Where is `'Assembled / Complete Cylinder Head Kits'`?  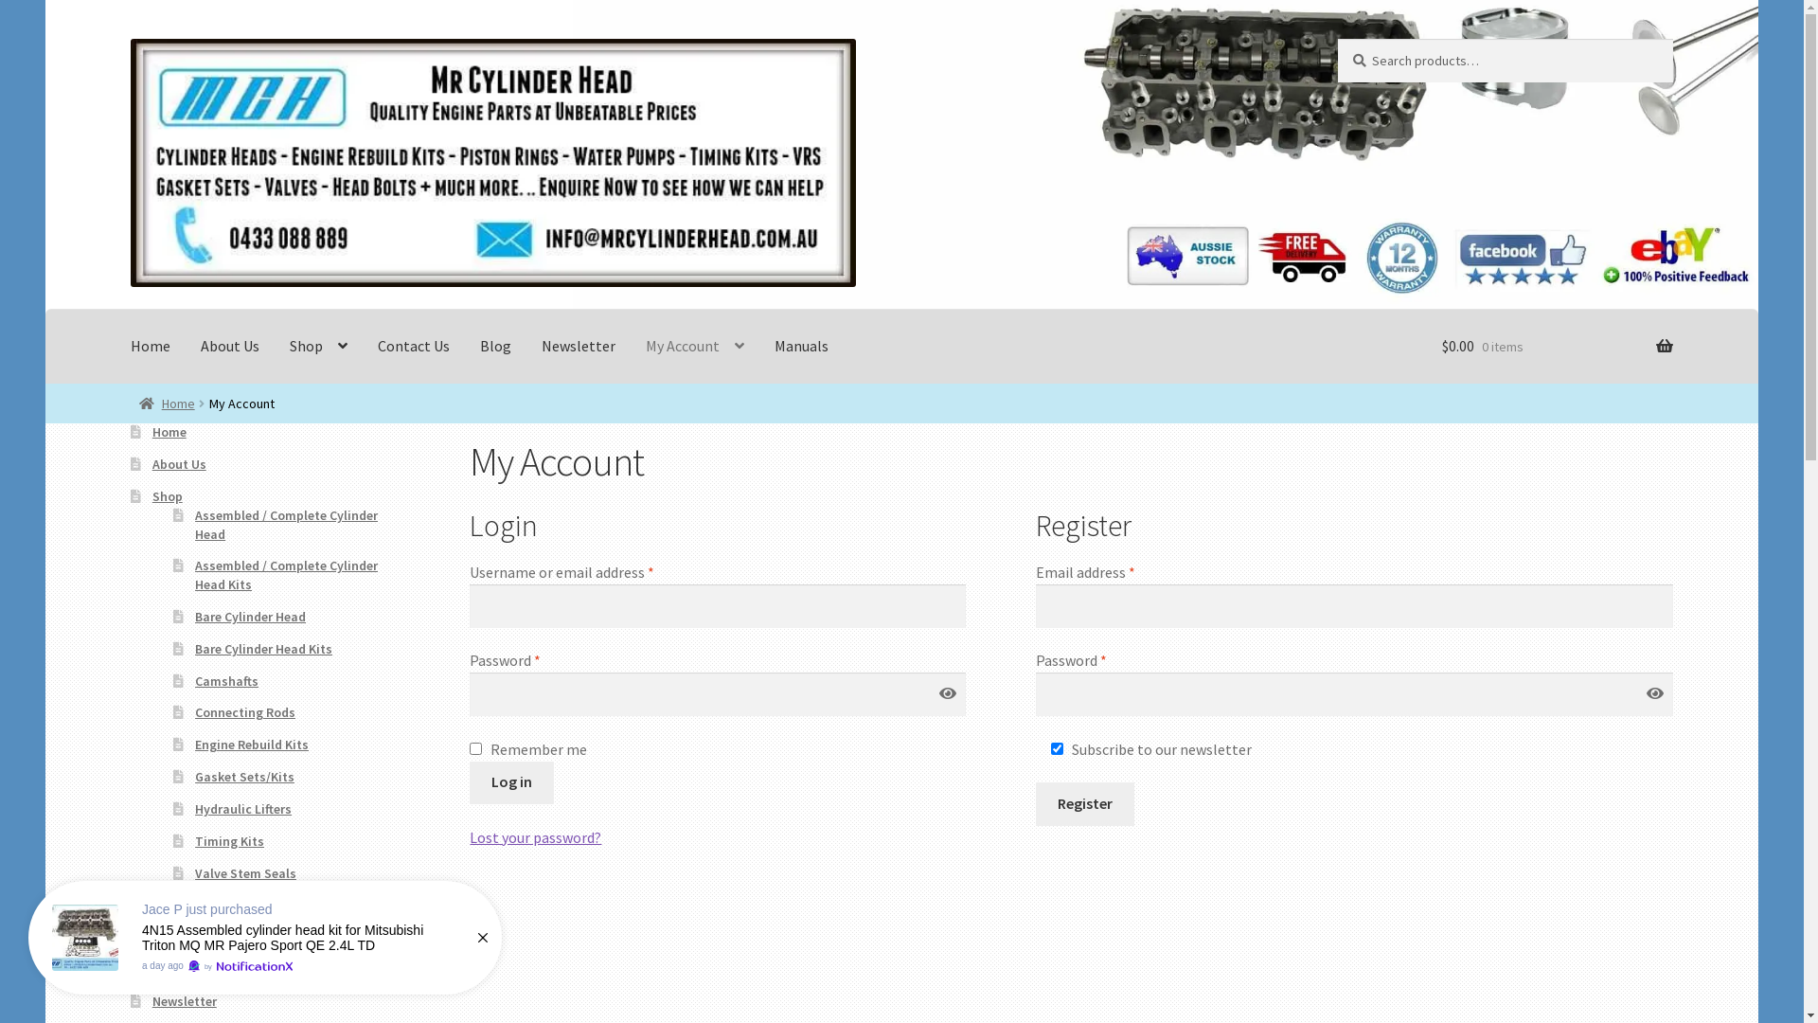 'Assembled / Complete Cylinder Head Kits' is located at coordinates (285, 573).